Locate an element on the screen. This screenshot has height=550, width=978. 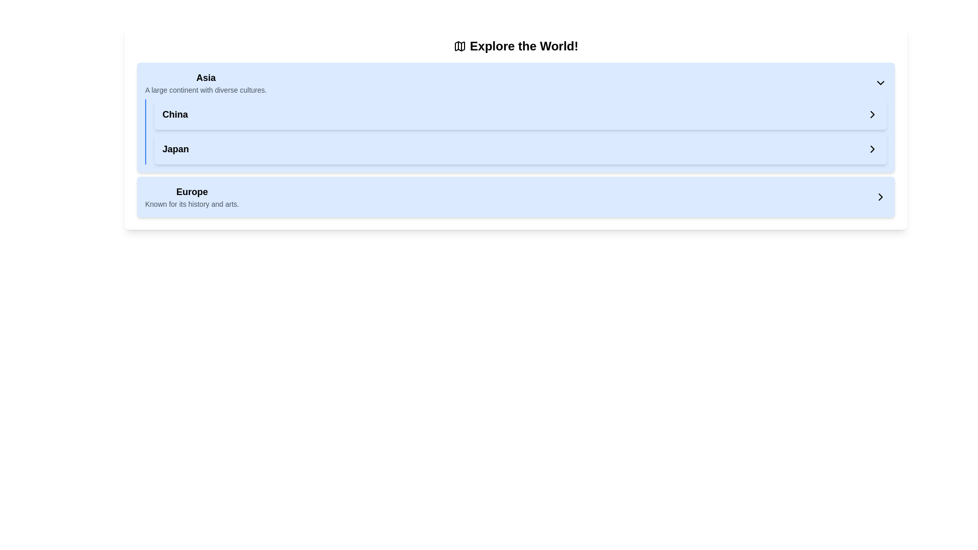
the navigational button located to the far right of the 'Japan' label to initiate navigation is located at coordinates (872, 149).